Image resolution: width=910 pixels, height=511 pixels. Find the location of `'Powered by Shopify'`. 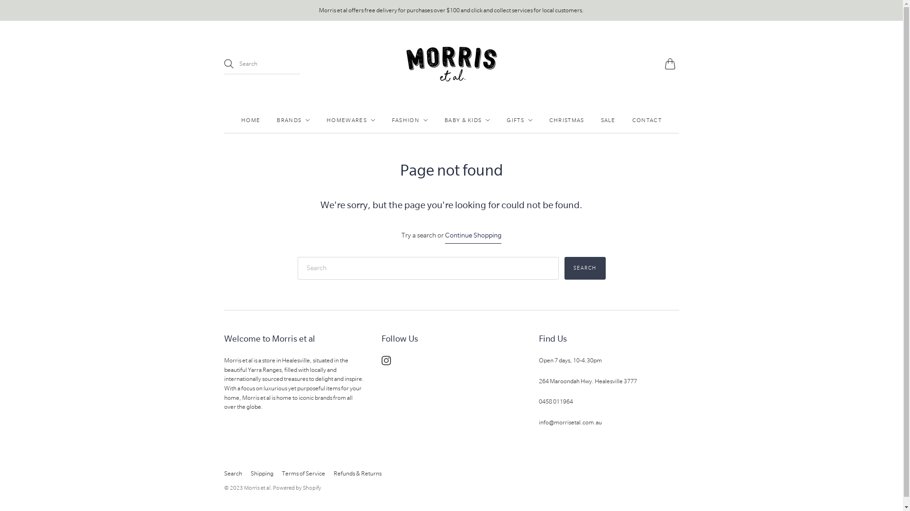

'Powered by Shopify' is located at coordinates (297, 487).